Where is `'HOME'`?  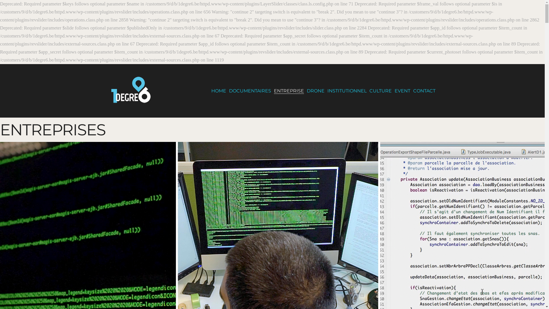
'HOME' is located at coordinates (218, 90).